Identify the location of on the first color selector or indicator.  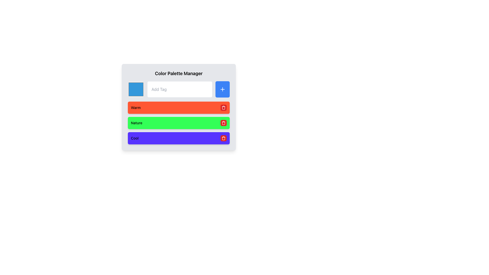
(136, 89).